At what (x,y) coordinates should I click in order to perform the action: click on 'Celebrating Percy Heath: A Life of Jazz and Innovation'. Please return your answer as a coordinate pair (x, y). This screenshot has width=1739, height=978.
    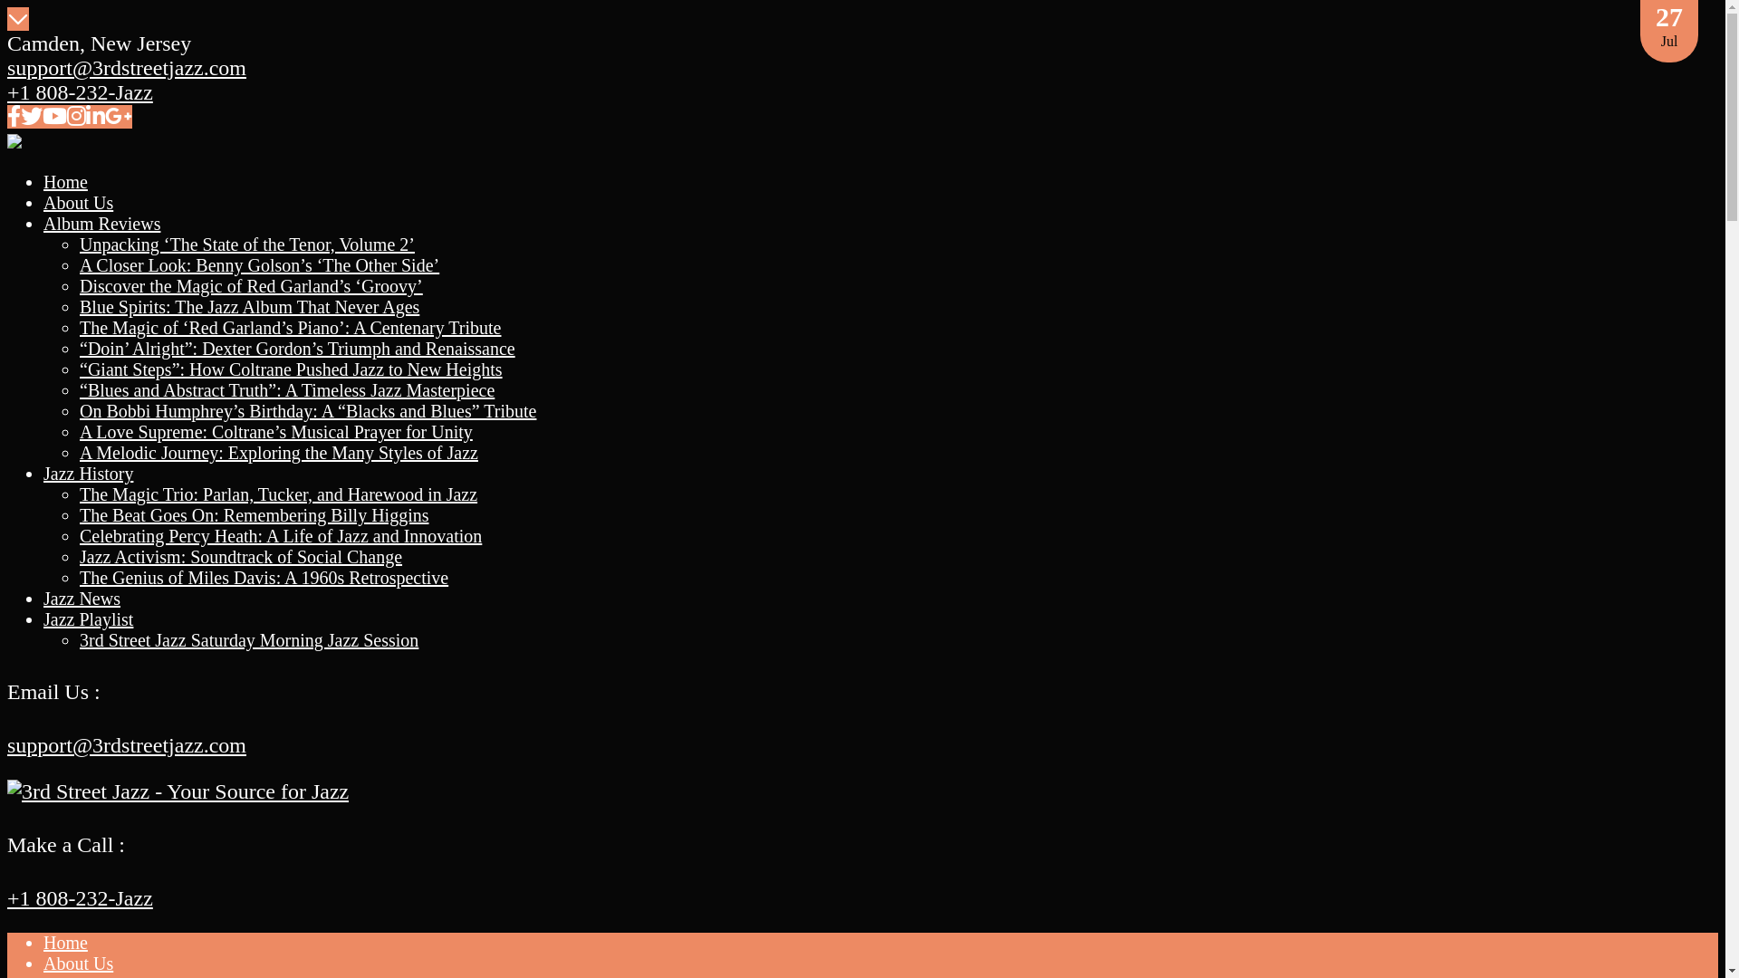
    Looking at the image, I should click on (280, 534).